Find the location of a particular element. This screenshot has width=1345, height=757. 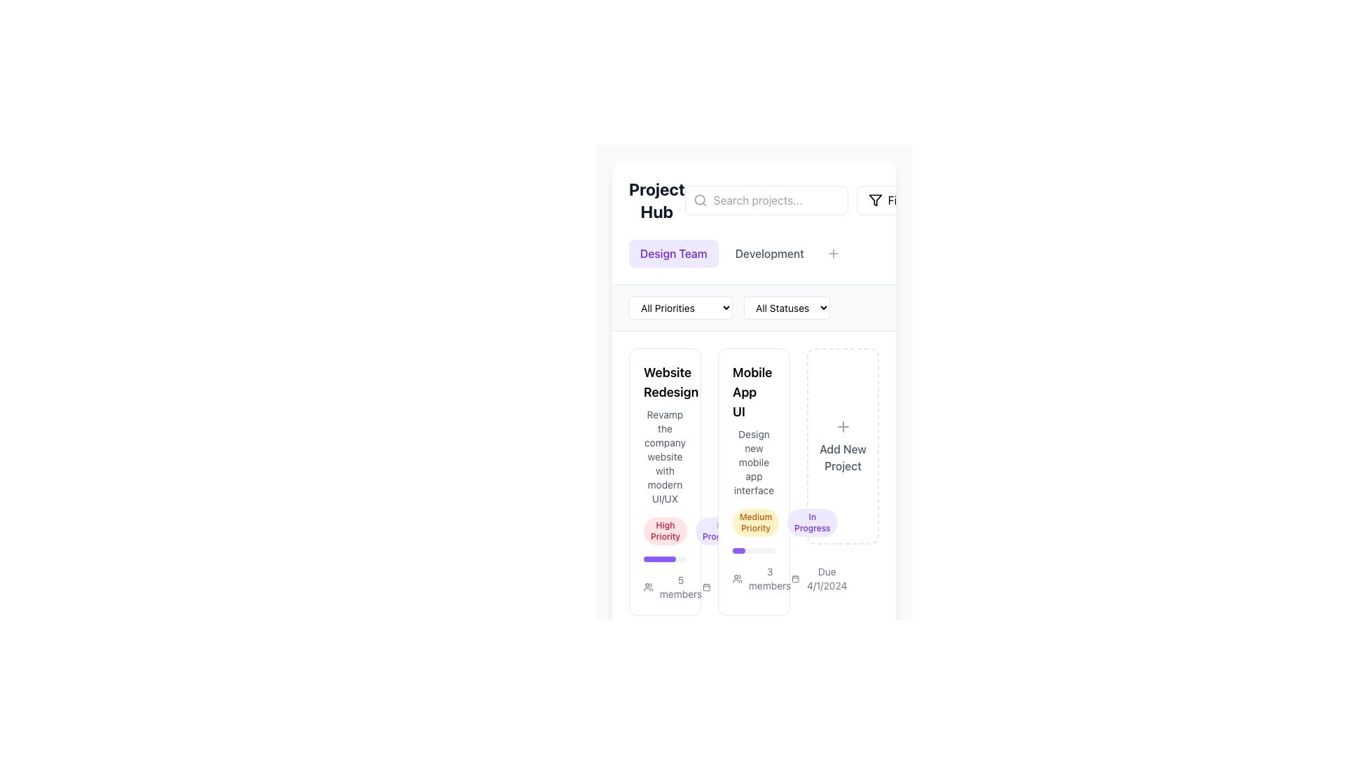

the 'All Statuses' dropdown menu button, which is a rectangular button with rounded corners and a dropdown arrow is located at coordinates (787, 307).